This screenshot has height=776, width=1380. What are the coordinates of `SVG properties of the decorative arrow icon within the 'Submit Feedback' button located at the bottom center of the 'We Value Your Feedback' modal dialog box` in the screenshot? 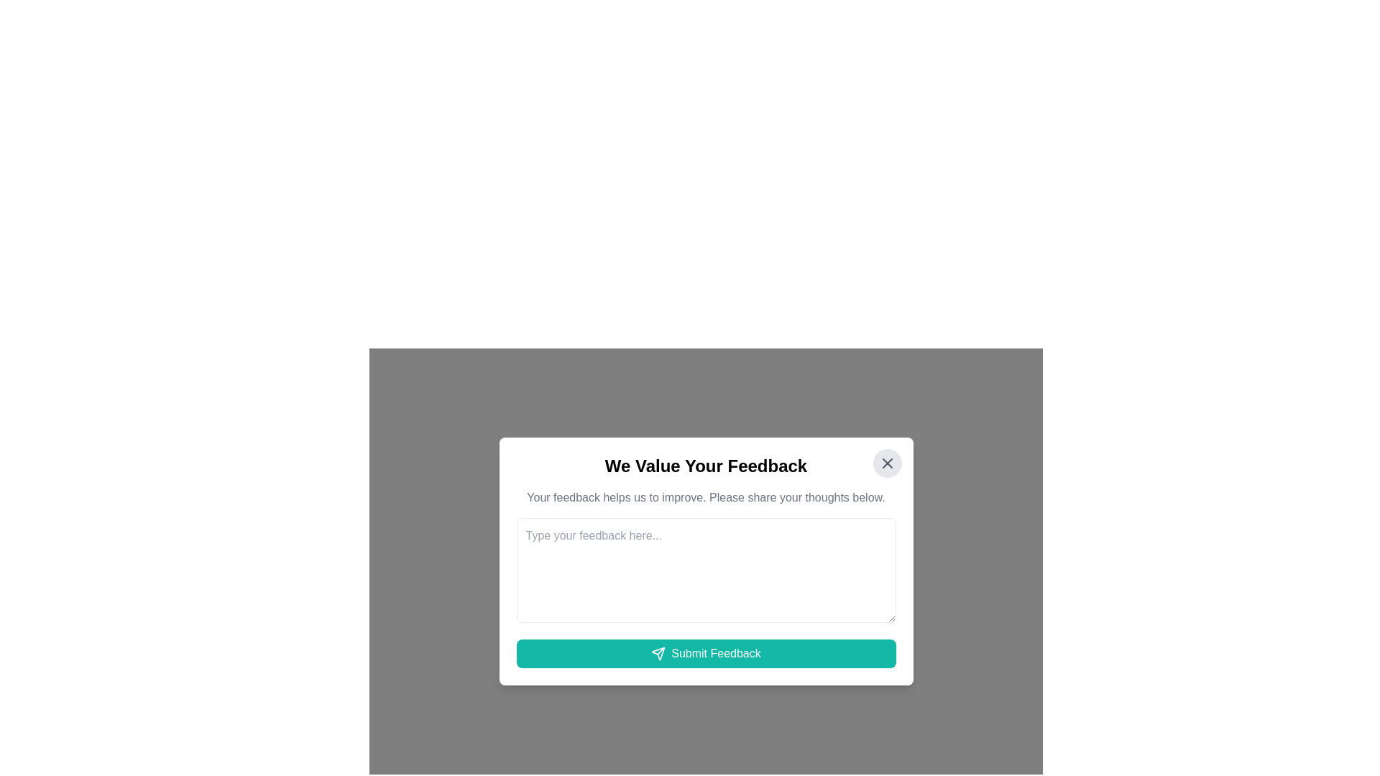 It's located at (658, 654).